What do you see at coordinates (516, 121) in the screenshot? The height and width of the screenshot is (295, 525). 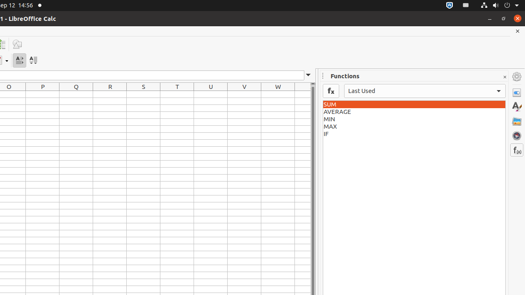 I see `'Gallery'` at bounding box center [516, 121].